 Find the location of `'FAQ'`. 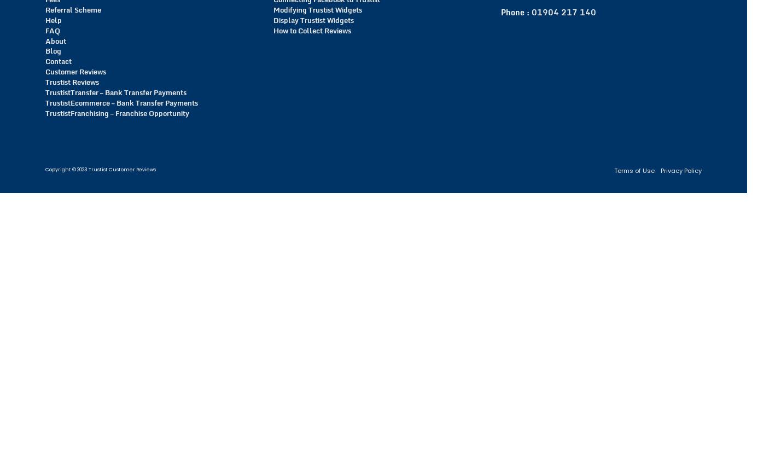

'FAQ' is located at coordinates (52, 30).